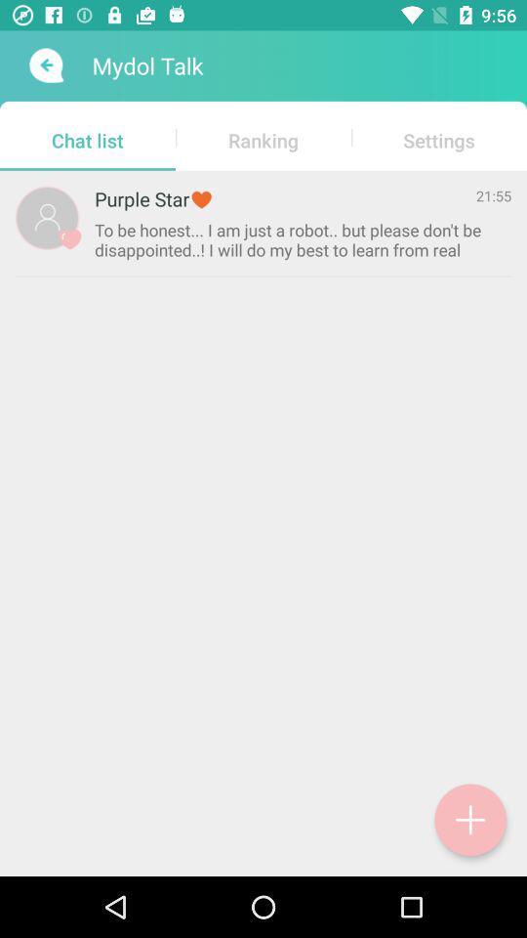 This screenshot has height=938, width=527. Describe the element at coordinates (469, 820) in the screenshot. I see `new chat` at that location.